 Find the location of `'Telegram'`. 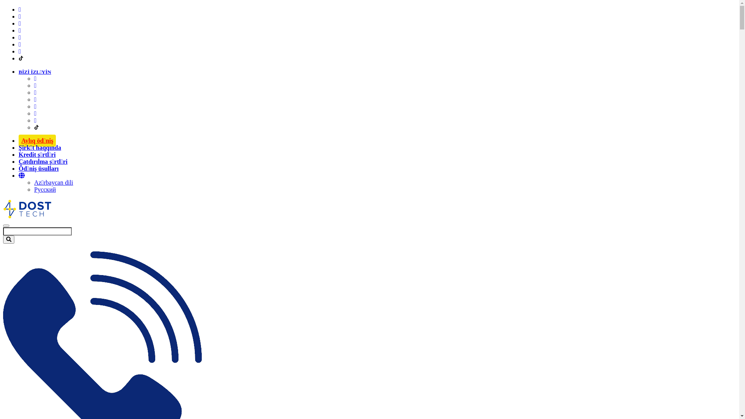

'Telegram' is located at coordinates (19, 44).